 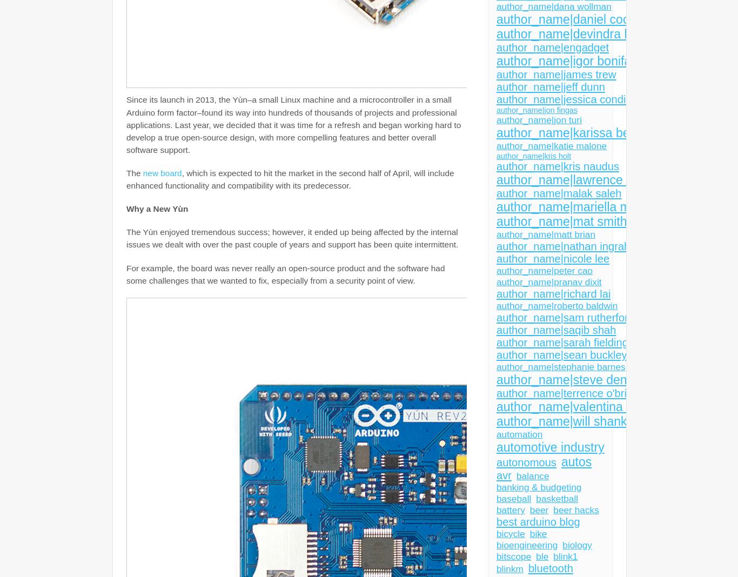 I want to click on 'author_name|richard lai', so click(x=553, y=293).